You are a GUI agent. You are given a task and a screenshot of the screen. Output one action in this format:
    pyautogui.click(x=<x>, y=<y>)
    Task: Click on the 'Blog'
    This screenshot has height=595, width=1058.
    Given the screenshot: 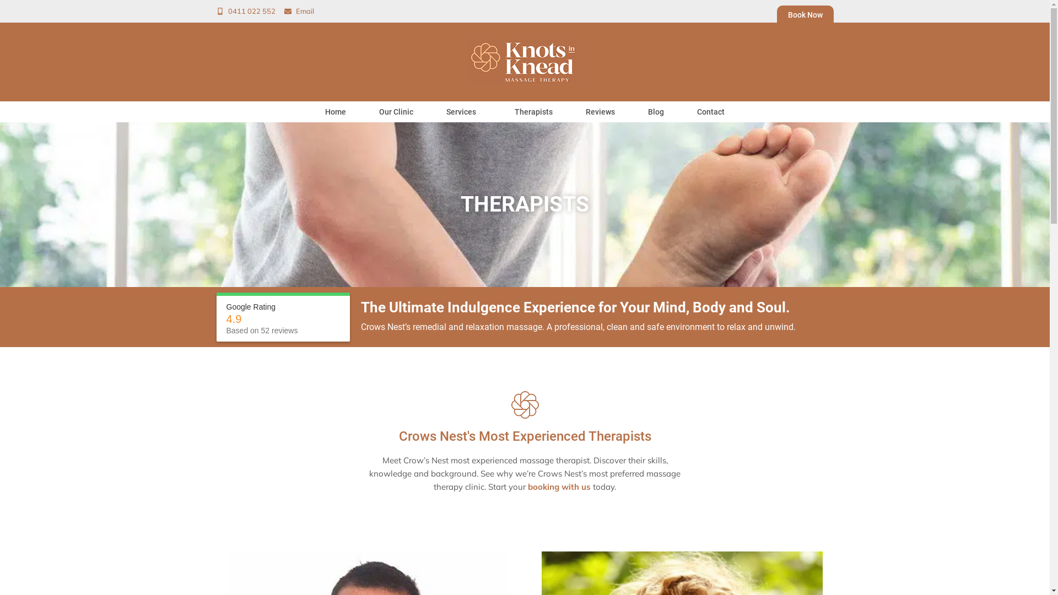 What is the action you would take?
    pyautogui.click(x=631, y=112)
    